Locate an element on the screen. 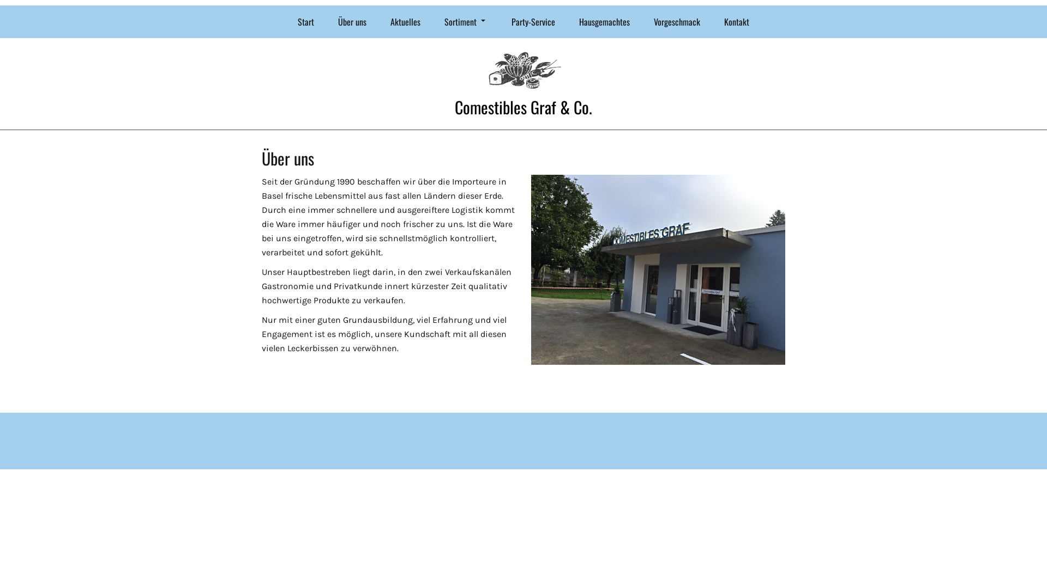 The image size is (1047, 588). 'Aktuelles' is located at coordinates (405, 21).